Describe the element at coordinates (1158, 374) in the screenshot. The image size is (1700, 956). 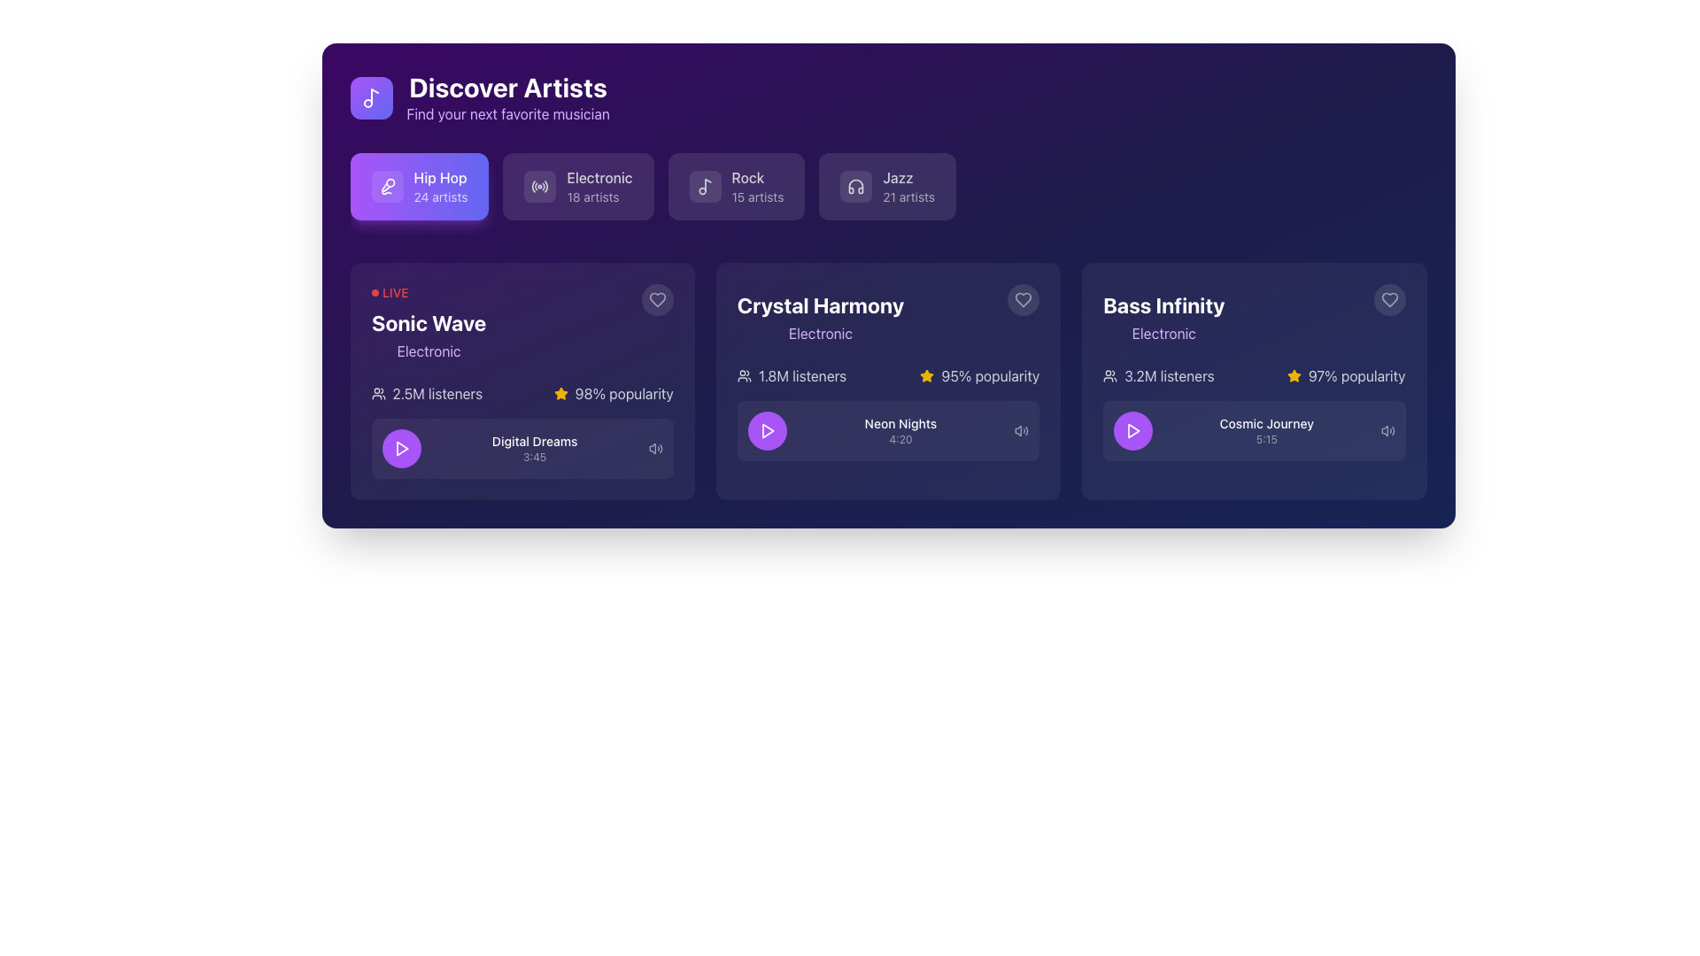
I see `the informational label displaying the number of listeners for the 'Bass Infinity' artist, located below the title and to the left of the popularity label` at that location.